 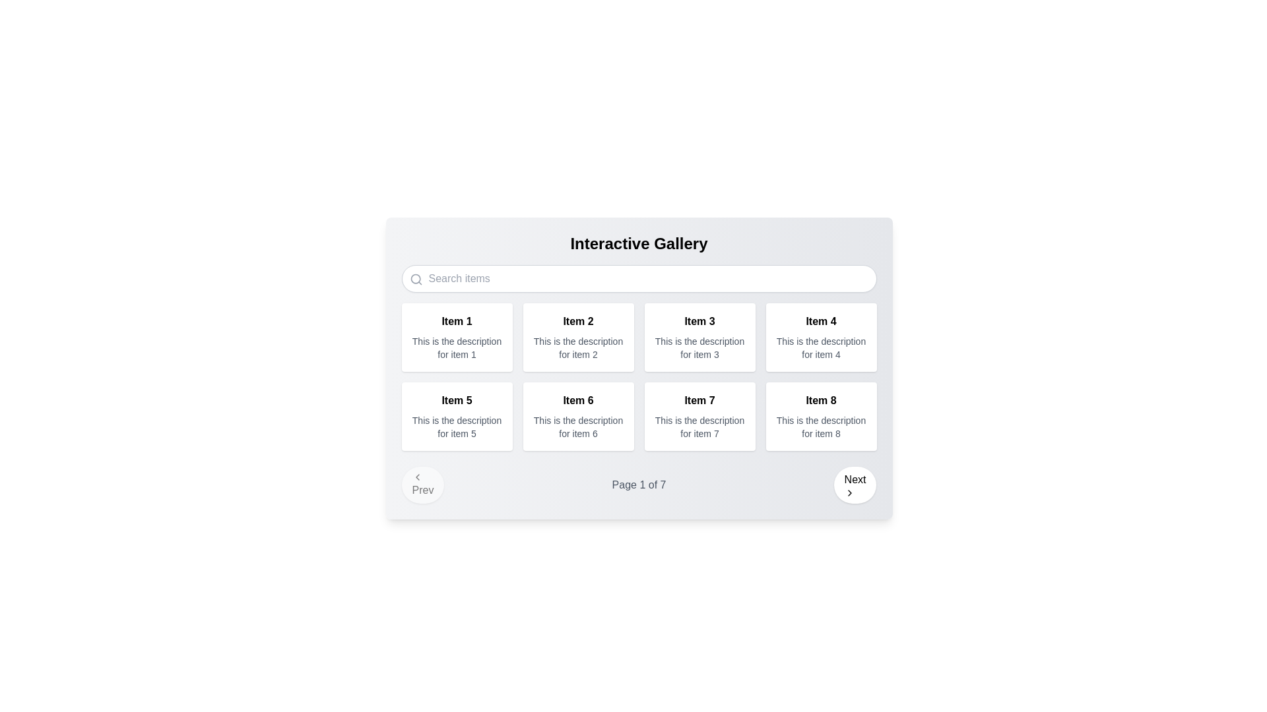 I want to click on the gray magnifying glass icon, which is styled as an SVG graphic and positioned to the left of the search input field, so click(x=415, y=279).